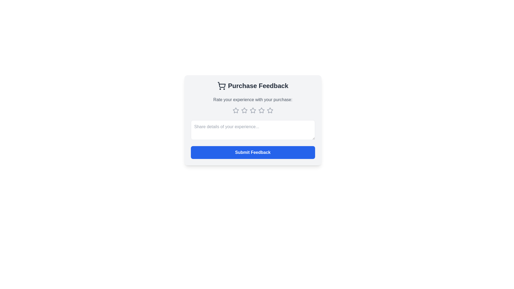 This screenshot has height=289, width=514. I want to click on the fourth star icon in the feedback rating section, so click(261, 110).